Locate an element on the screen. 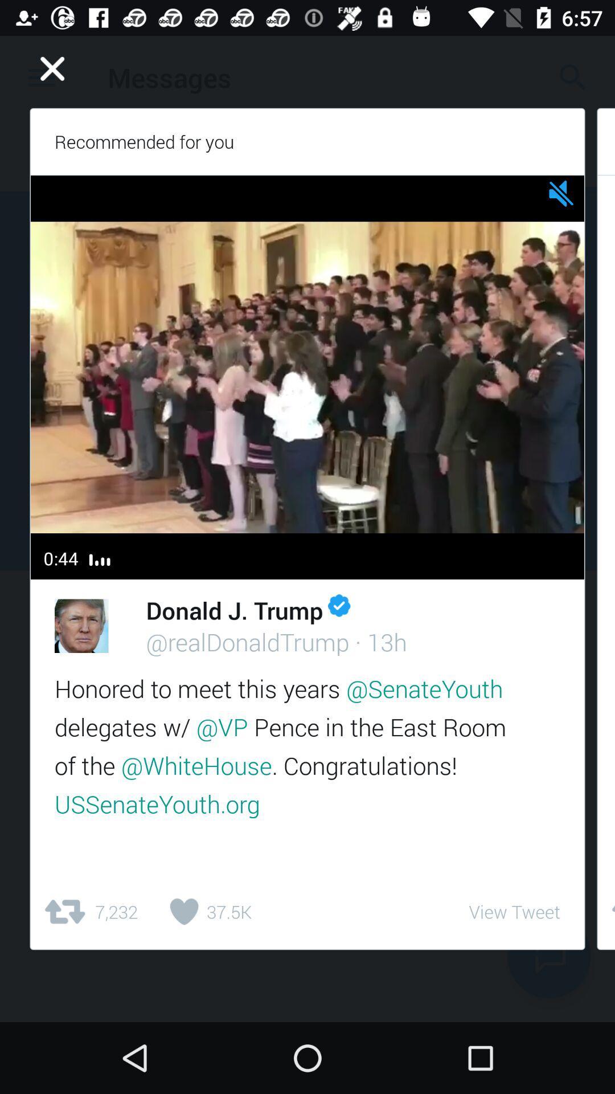 The image size is (615, 1094). the item at the bottom left corner is located at coordinates (89, 912).